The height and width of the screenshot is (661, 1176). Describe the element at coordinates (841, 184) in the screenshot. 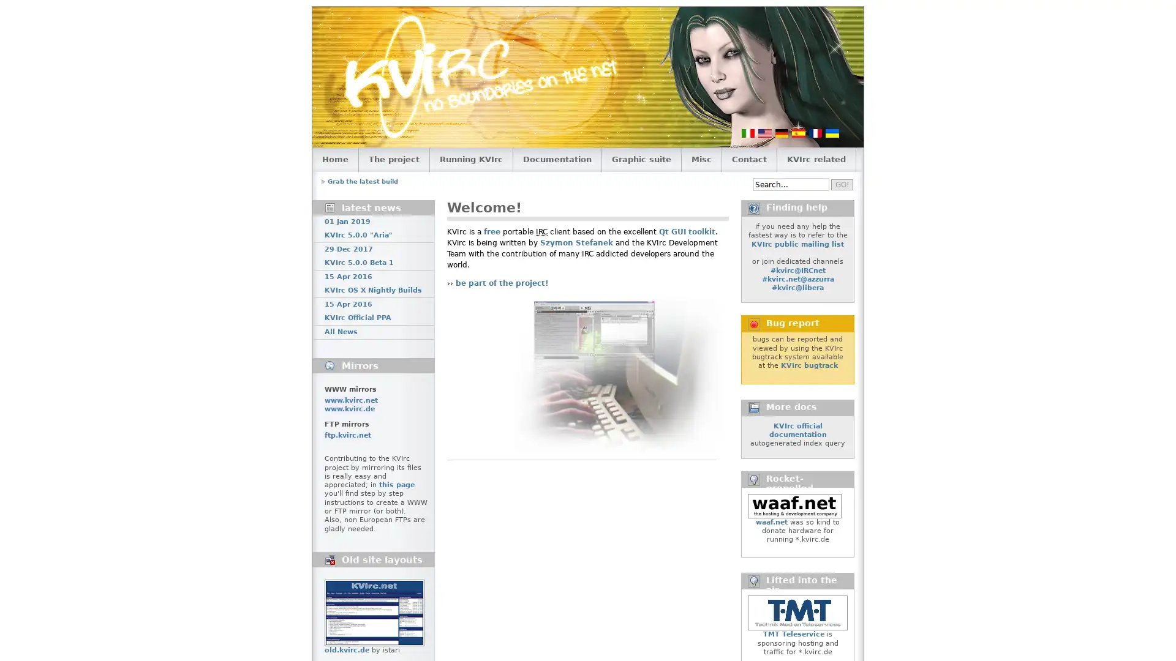

I see `GO!` at that location.